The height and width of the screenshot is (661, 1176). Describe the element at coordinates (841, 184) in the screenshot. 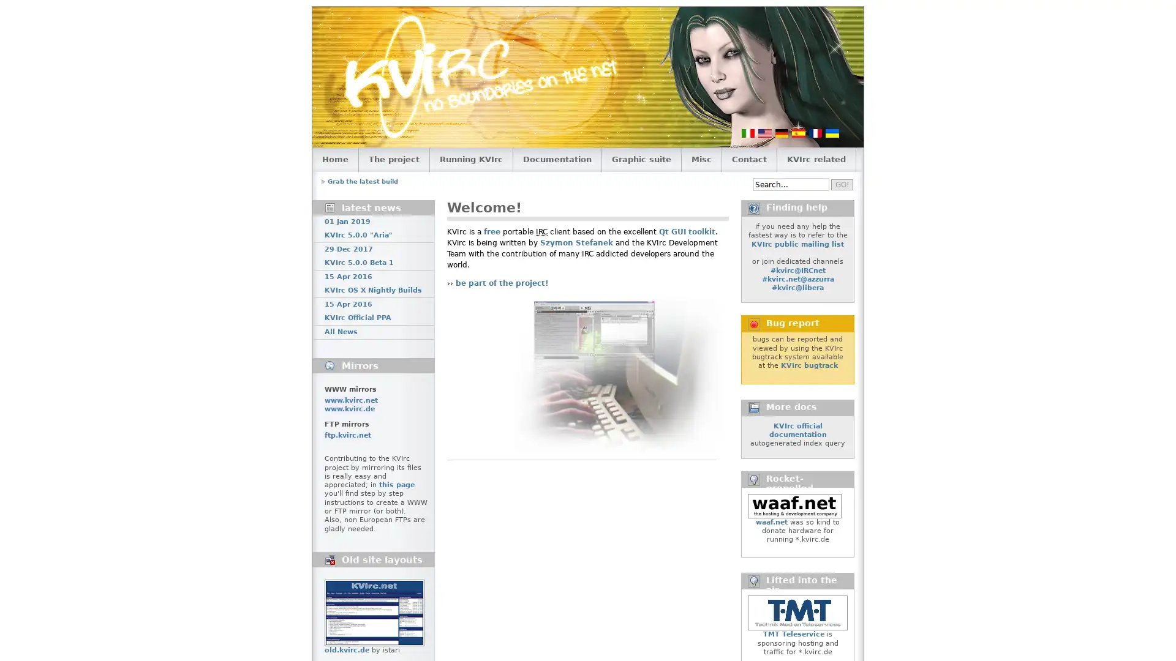

I see `GO!` at that location.